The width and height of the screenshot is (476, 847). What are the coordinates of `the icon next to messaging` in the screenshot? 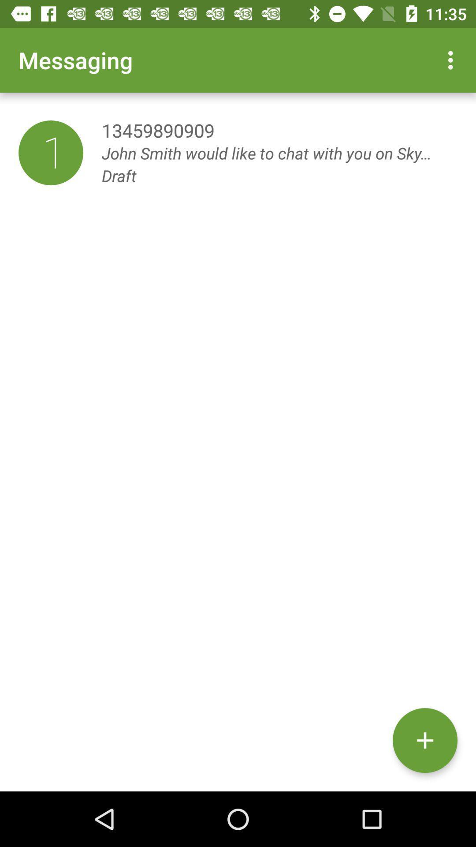 It's located at (453, 60).